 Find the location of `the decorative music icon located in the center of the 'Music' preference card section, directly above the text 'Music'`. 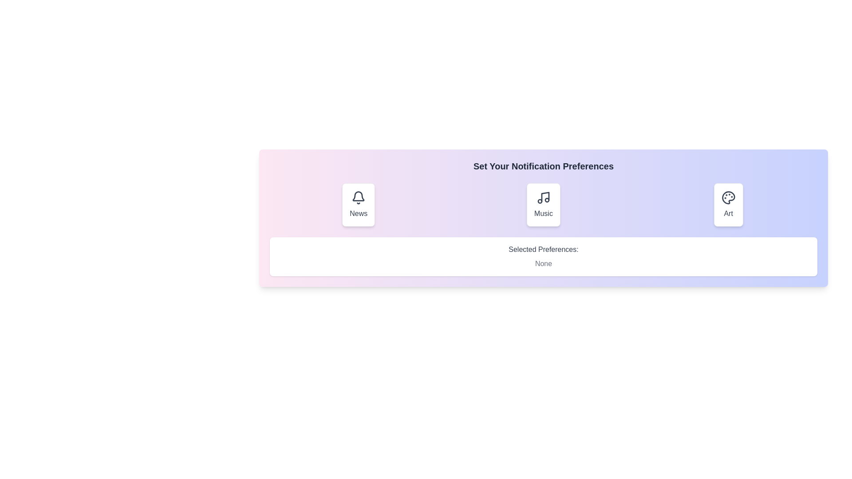

the decorative music icon located in the center of the 'Music' preference card section, directly above the text 'Music' is located at coordinates (543, 197).